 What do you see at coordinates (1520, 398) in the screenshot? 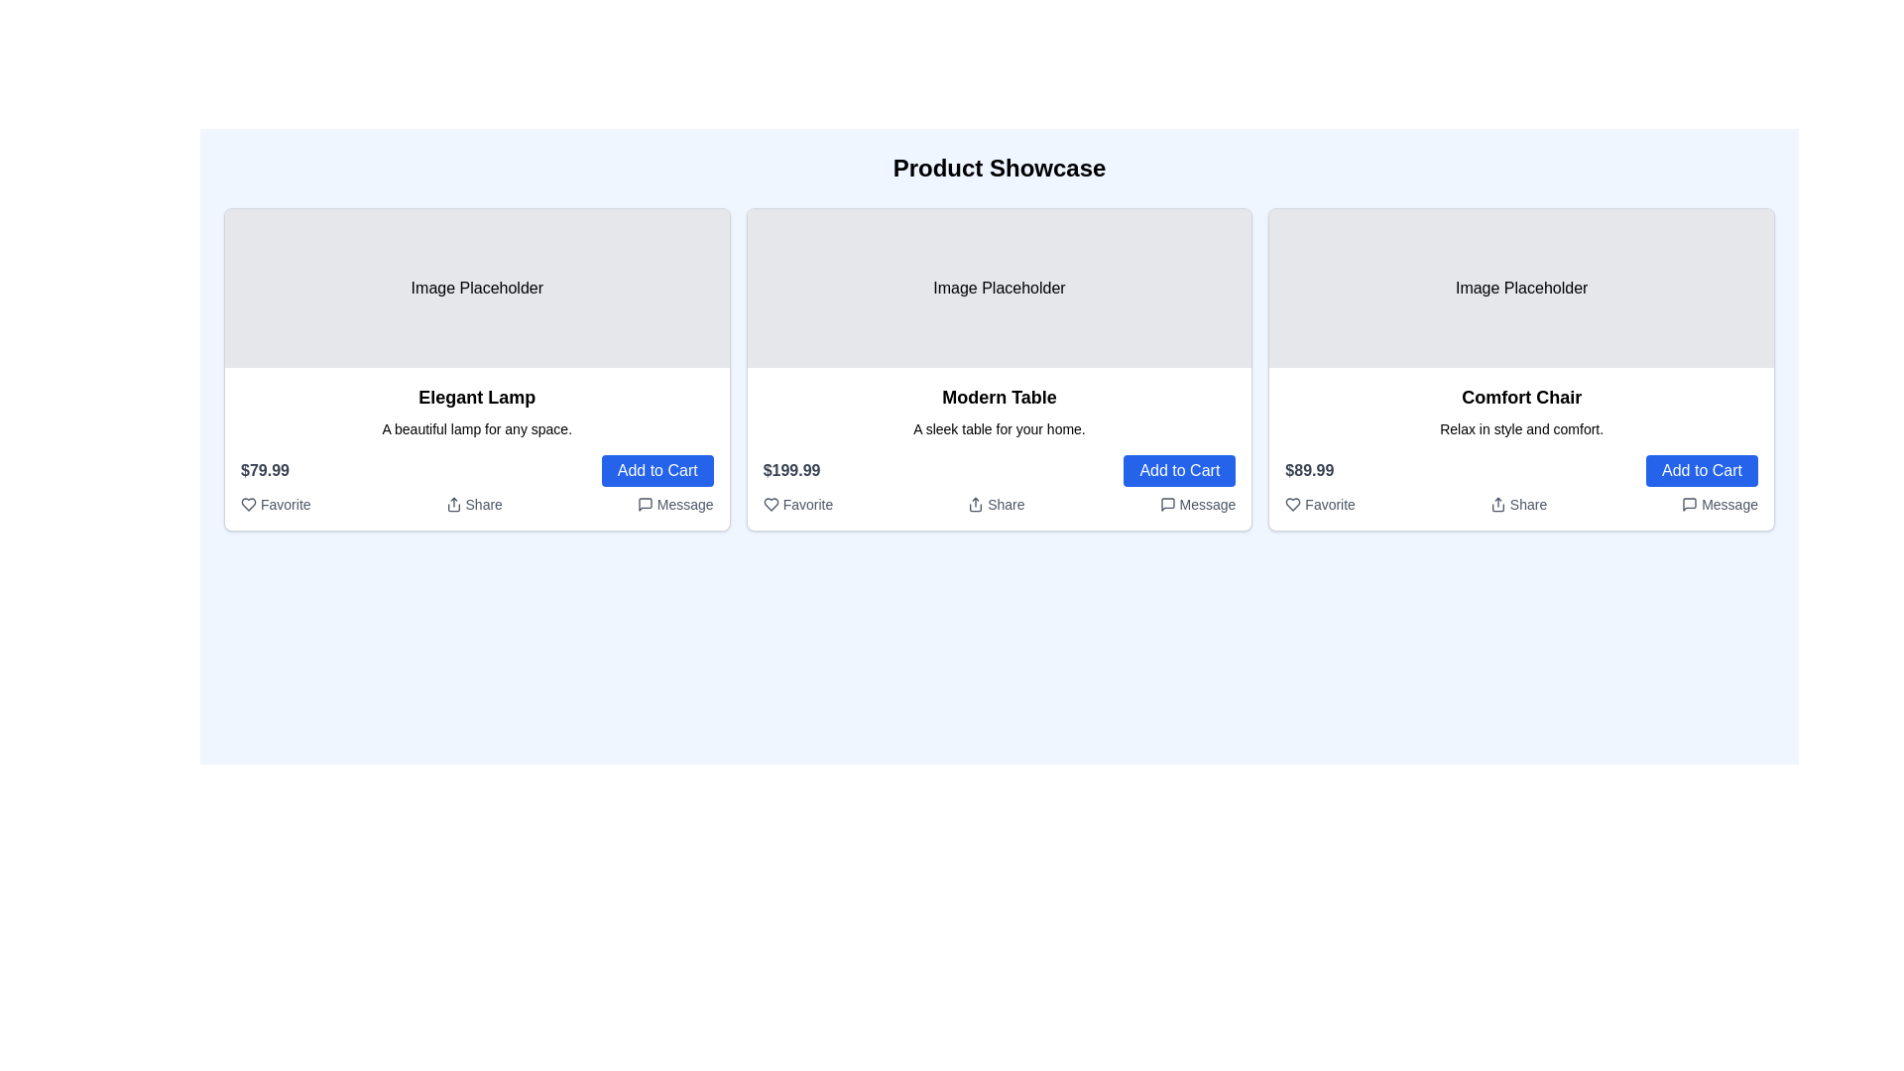
I see `the text label displaying the product title 'Comfort Chair', which is located at the top edge of the third product card` at bounding box center [1520, 398].